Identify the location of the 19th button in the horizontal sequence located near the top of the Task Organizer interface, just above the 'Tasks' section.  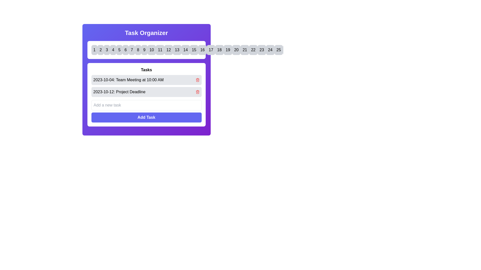
(227, 50).